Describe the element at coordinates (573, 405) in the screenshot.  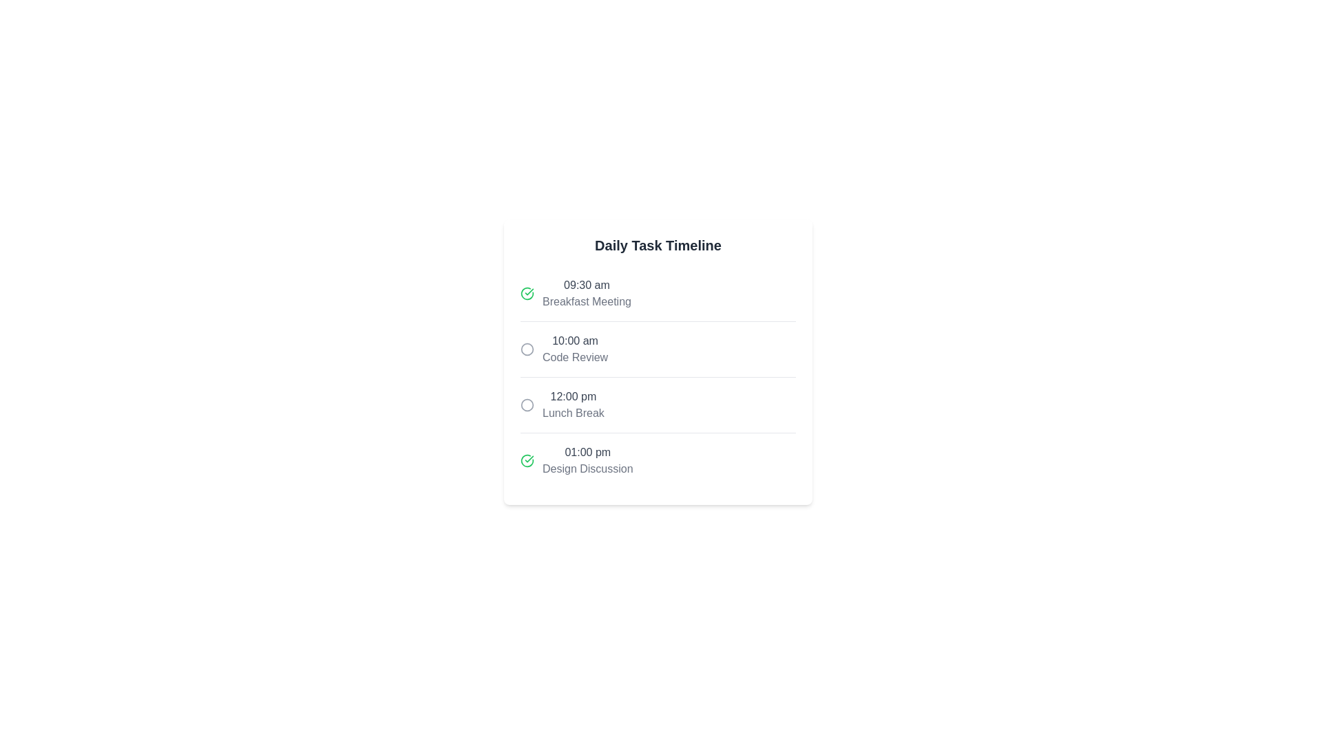
I see `the 'Lunch Break' text label indicating a scheduled event at 12:00 pm in the timeline of daily tasks, located between '10:00 am Code Review' and '01:00 pm Design Discussion'` at that location.